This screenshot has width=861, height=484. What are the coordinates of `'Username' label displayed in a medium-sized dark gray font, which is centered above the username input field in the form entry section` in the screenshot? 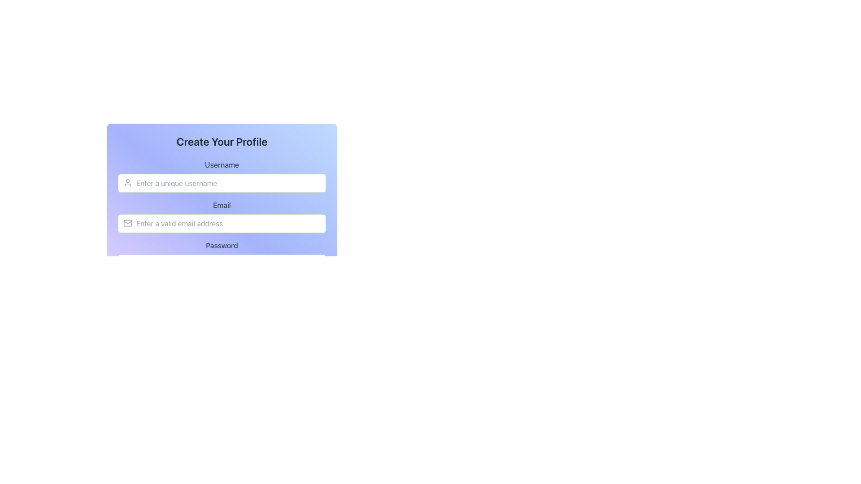 It's located at (222, 164).